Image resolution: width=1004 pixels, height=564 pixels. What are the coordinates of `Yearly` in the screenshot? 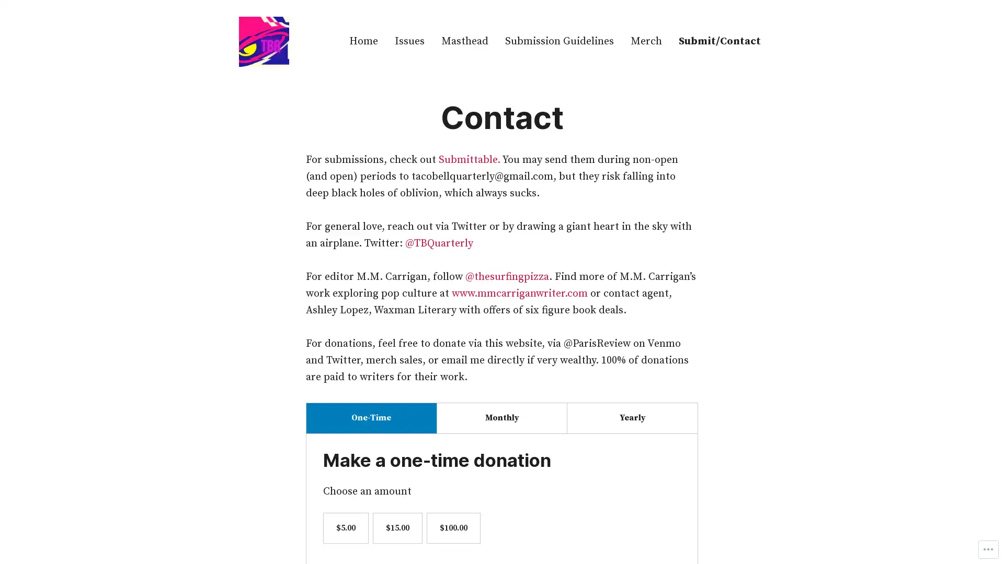 It's located at (632, 417).